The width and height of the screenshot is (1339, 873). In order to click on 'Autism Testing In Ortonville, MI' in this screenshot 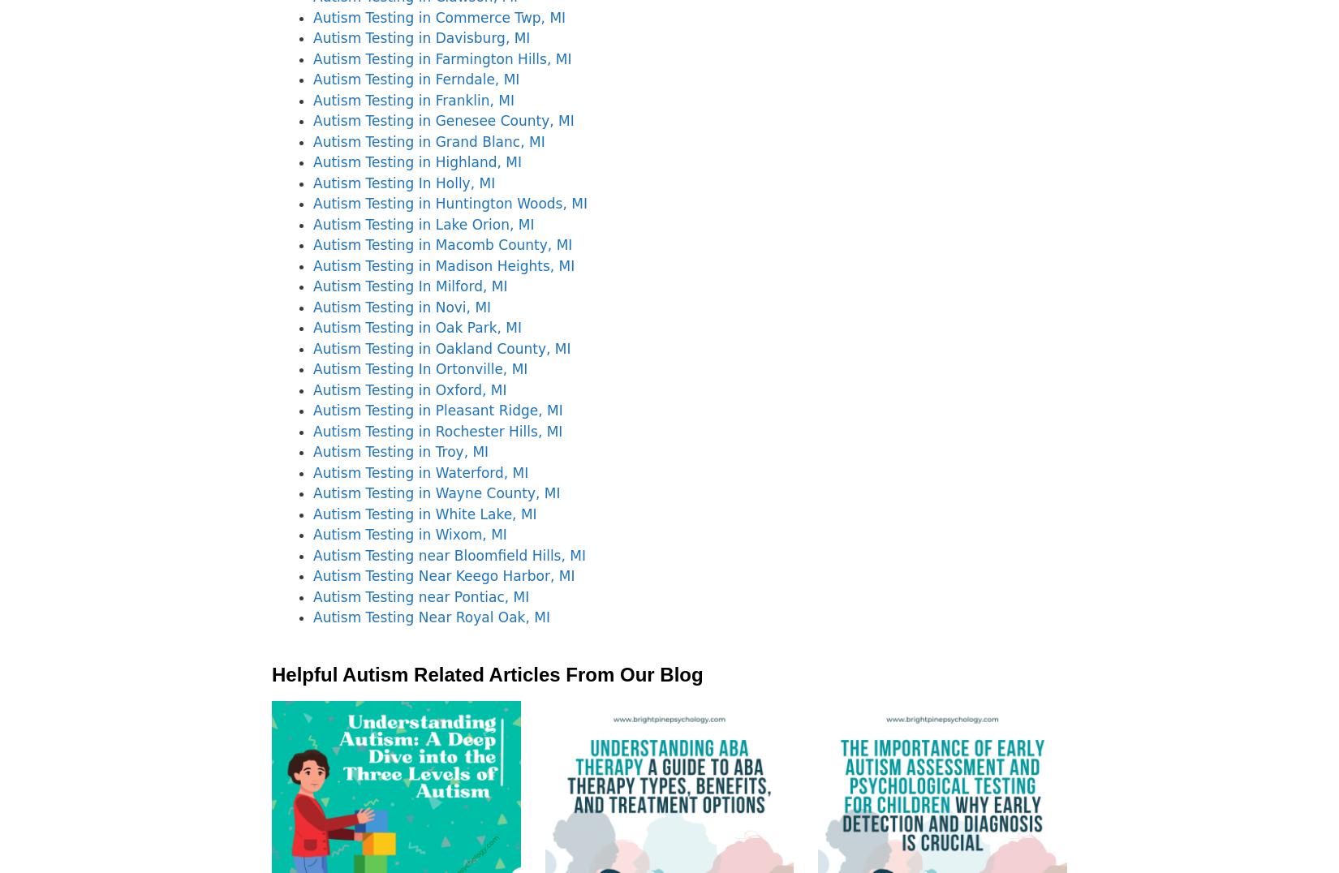, I will do `click(419, 368)`.